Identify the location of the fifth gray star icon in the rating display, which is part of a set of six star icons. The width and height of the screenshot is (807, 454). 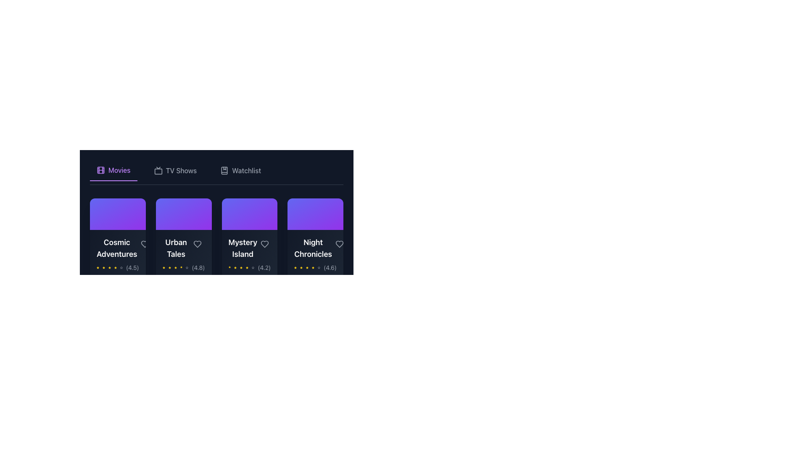
(318, 267).